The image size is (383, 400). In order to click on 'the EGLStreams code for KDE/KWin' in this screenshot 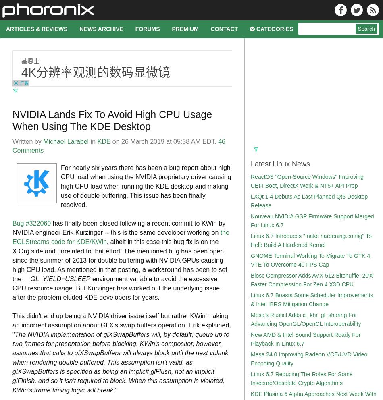, I will do `click(121, 237)`.